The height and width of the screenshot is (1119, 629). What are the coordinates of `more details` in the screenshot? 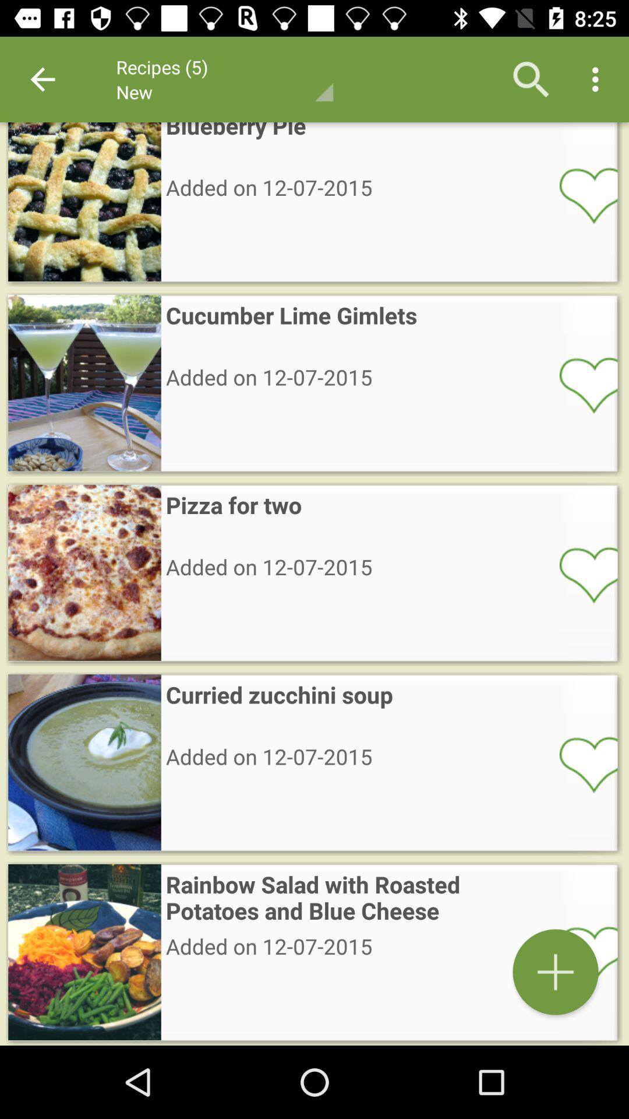 It's located at (554, 972).